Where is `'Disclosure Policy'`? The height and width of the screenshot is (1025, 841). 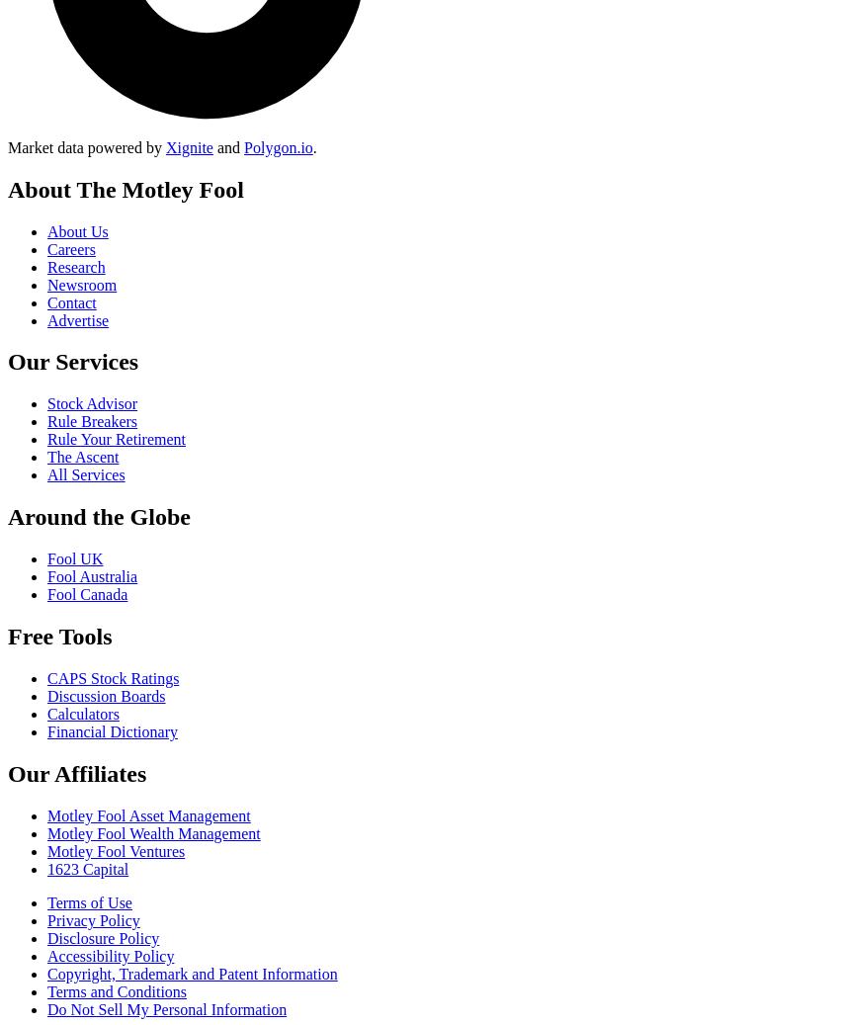 'Disclosure Policy' is located at coordinates (46, 937).